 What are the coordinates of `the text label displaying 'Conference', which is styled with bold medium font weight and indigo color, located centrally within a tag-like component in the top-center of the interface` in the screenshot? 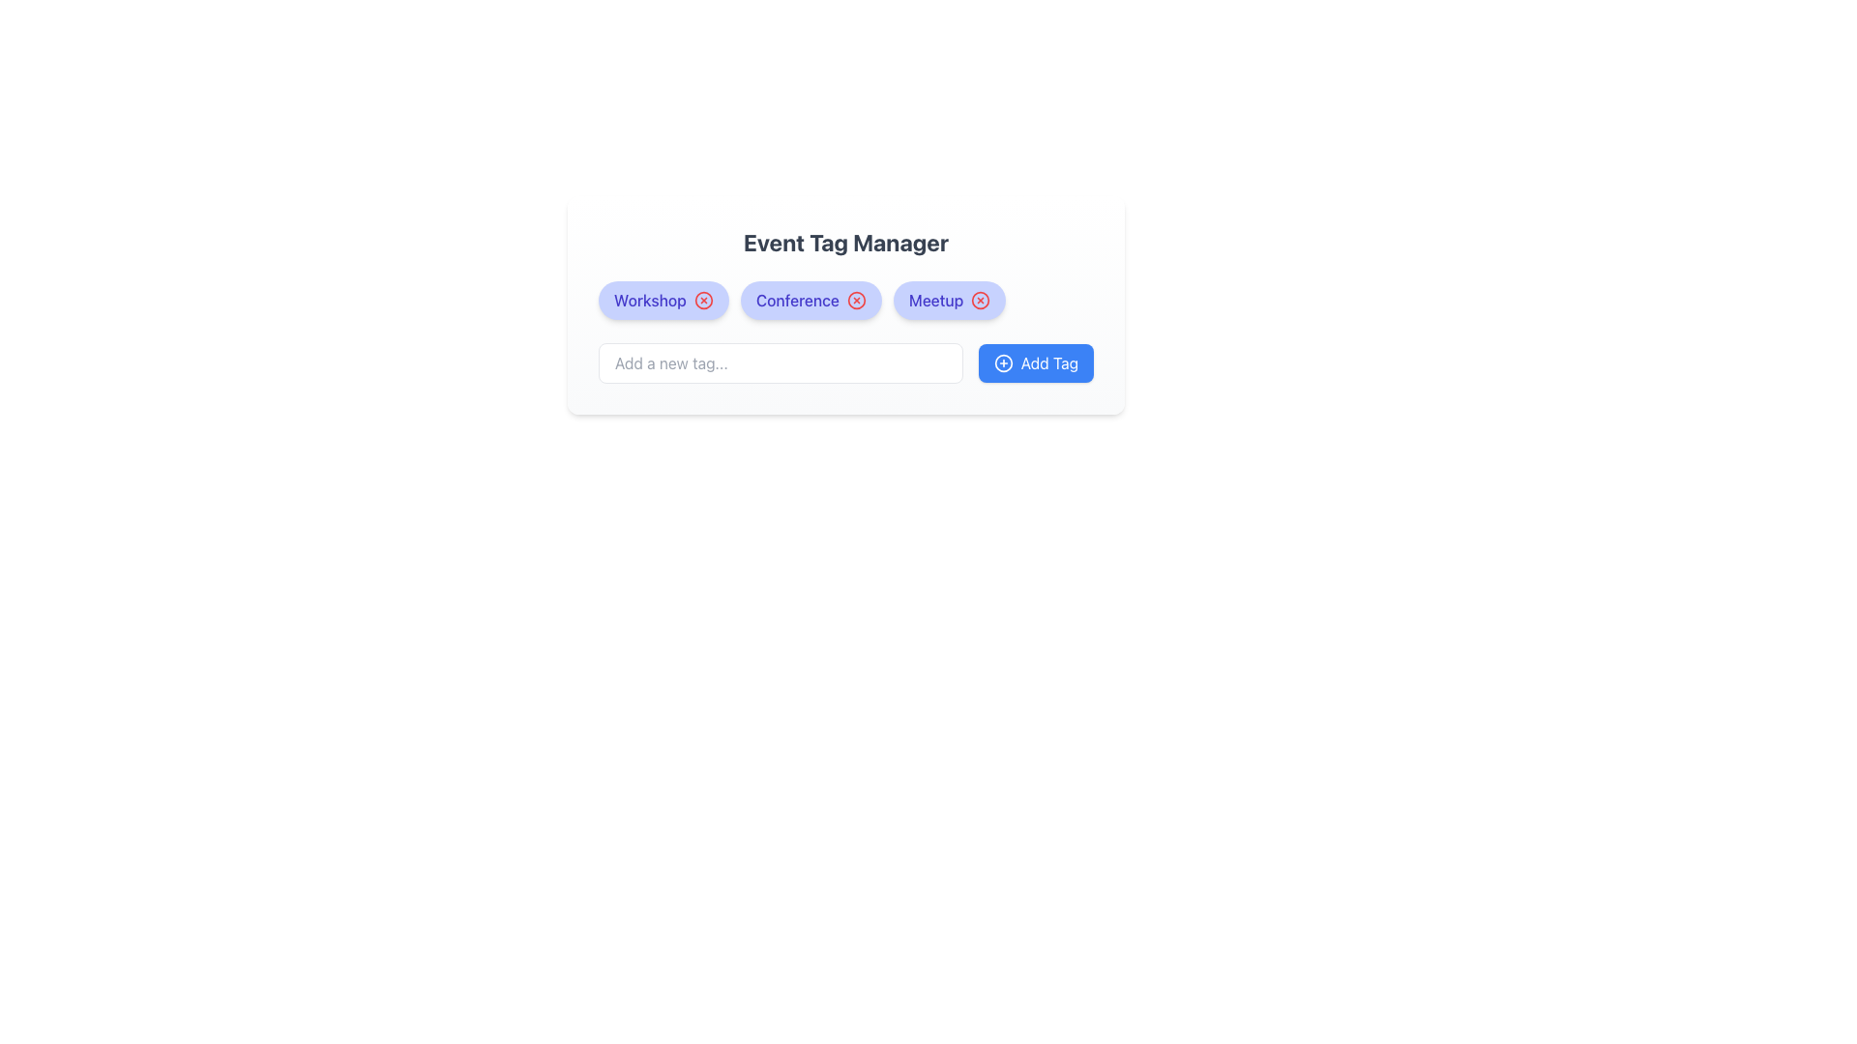 It's located at (797, 301).